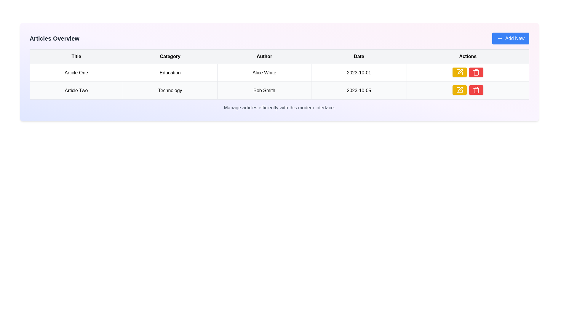 Image resolution: width=569 pixels, height=320 pixels. Describe the element at coordinates (76, 72) in the screenshot. I see `the static text label that identifies 'Article One' in the first row of the table, aligned with 'Education' in the 'Category' column` at that location.